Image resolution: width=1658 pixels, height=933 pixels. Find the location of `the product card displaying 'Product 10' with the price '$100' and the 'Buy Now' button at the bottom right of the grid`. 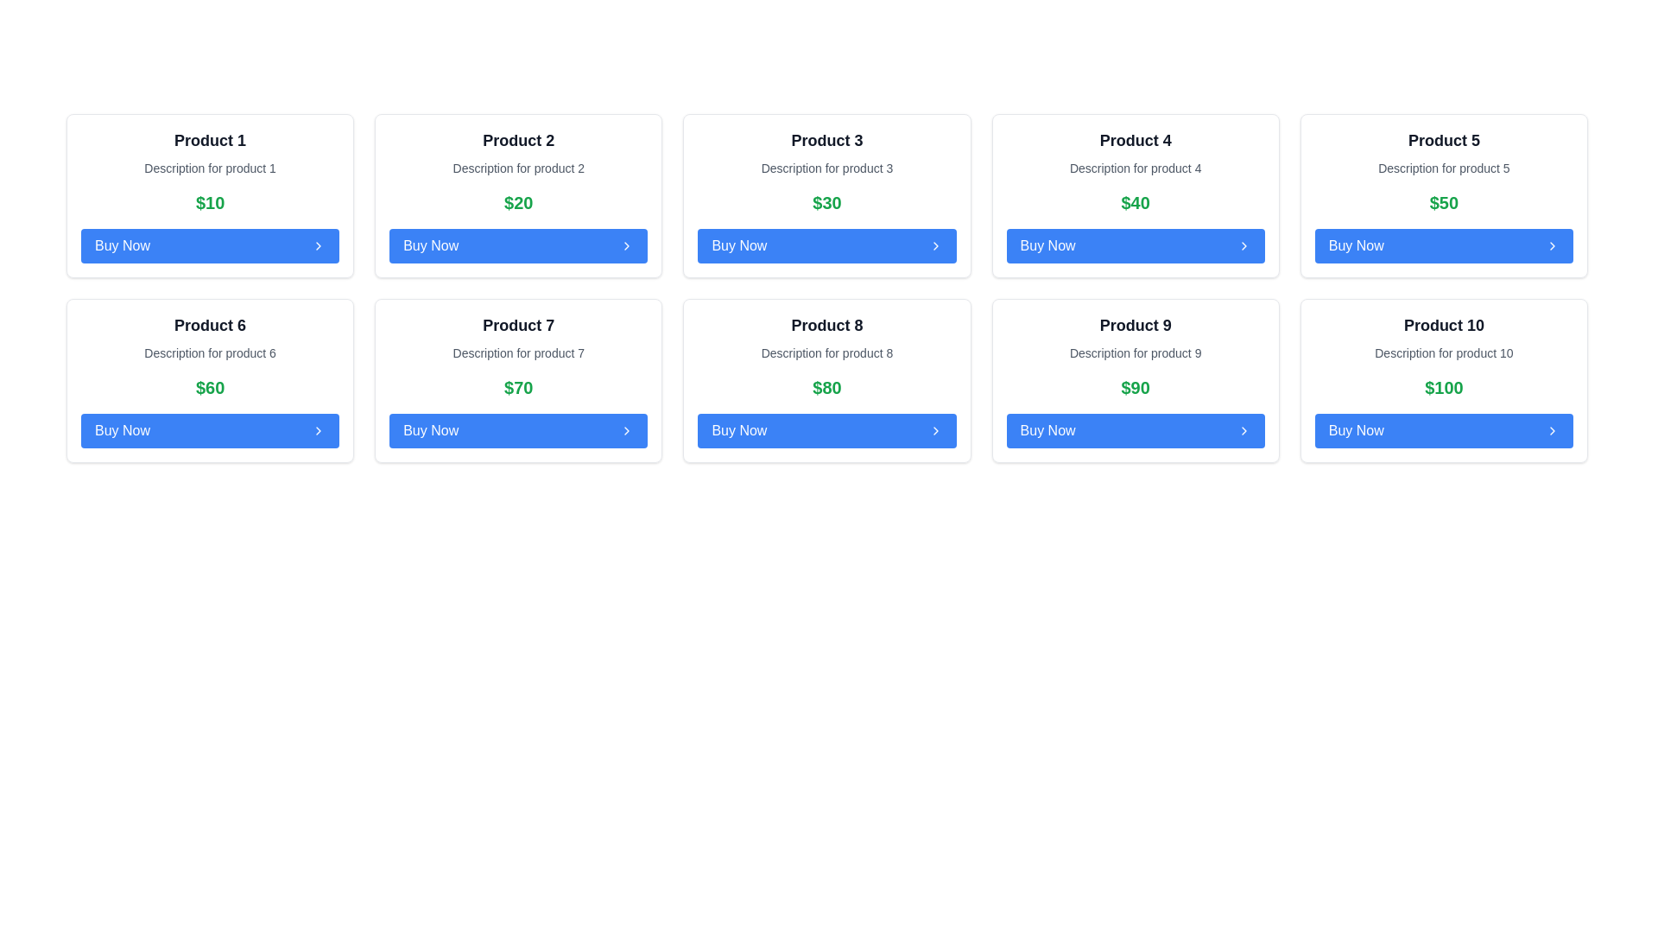

the product card displaying 'Product 10' with the price '$100' and the 'Buy Now' button at the bottom right of the grid is located at coordinates (1444, 379).